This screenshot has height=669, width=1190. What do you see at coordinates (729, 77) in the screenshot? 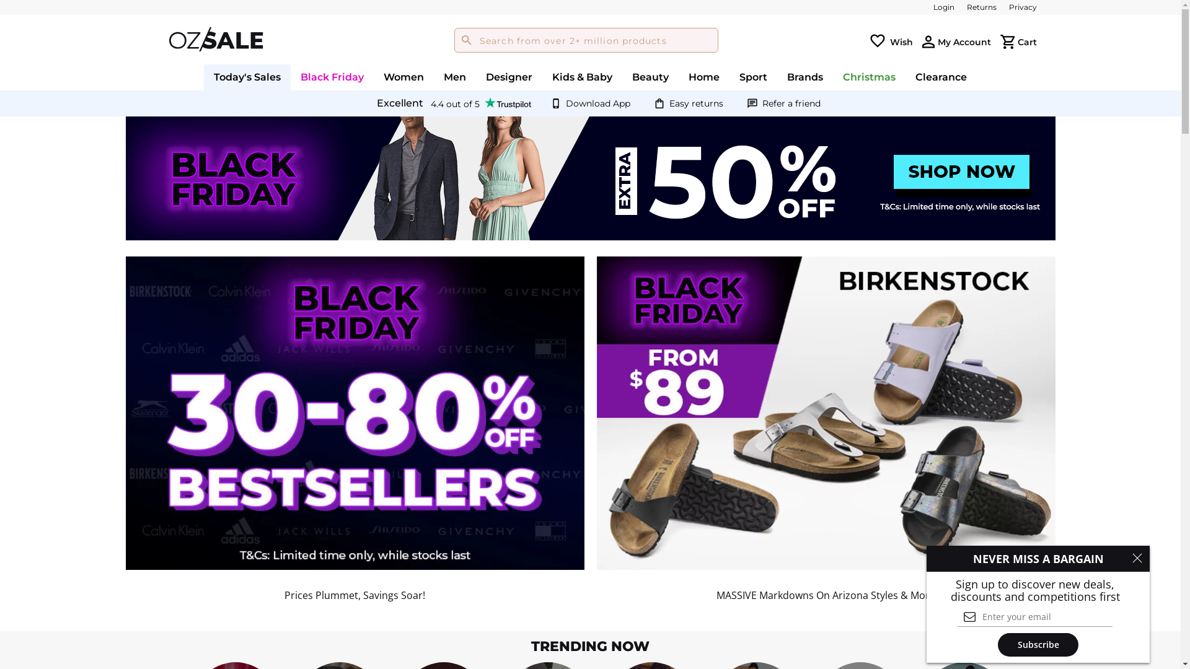
I see `'Sport'` at bounding box center [729, 77].